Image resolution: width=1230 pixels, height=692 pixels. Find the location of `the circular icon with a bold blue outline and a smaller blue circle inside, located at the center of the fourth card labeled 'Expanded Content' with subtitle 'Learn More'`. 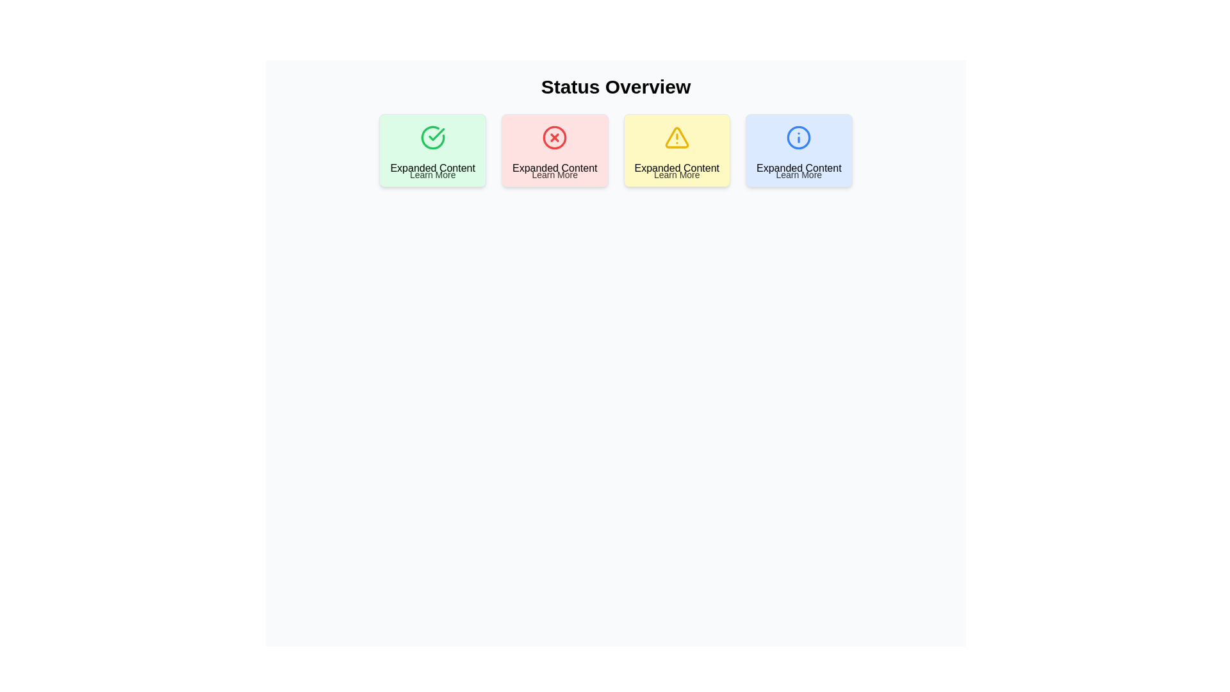

the circular icon with a bold blue outline and a smaller blue circle inside, located at the center of the fourth card labeled 'Expanded Content' with subtitle 'Learn More' is located at coordinates (798, 138).